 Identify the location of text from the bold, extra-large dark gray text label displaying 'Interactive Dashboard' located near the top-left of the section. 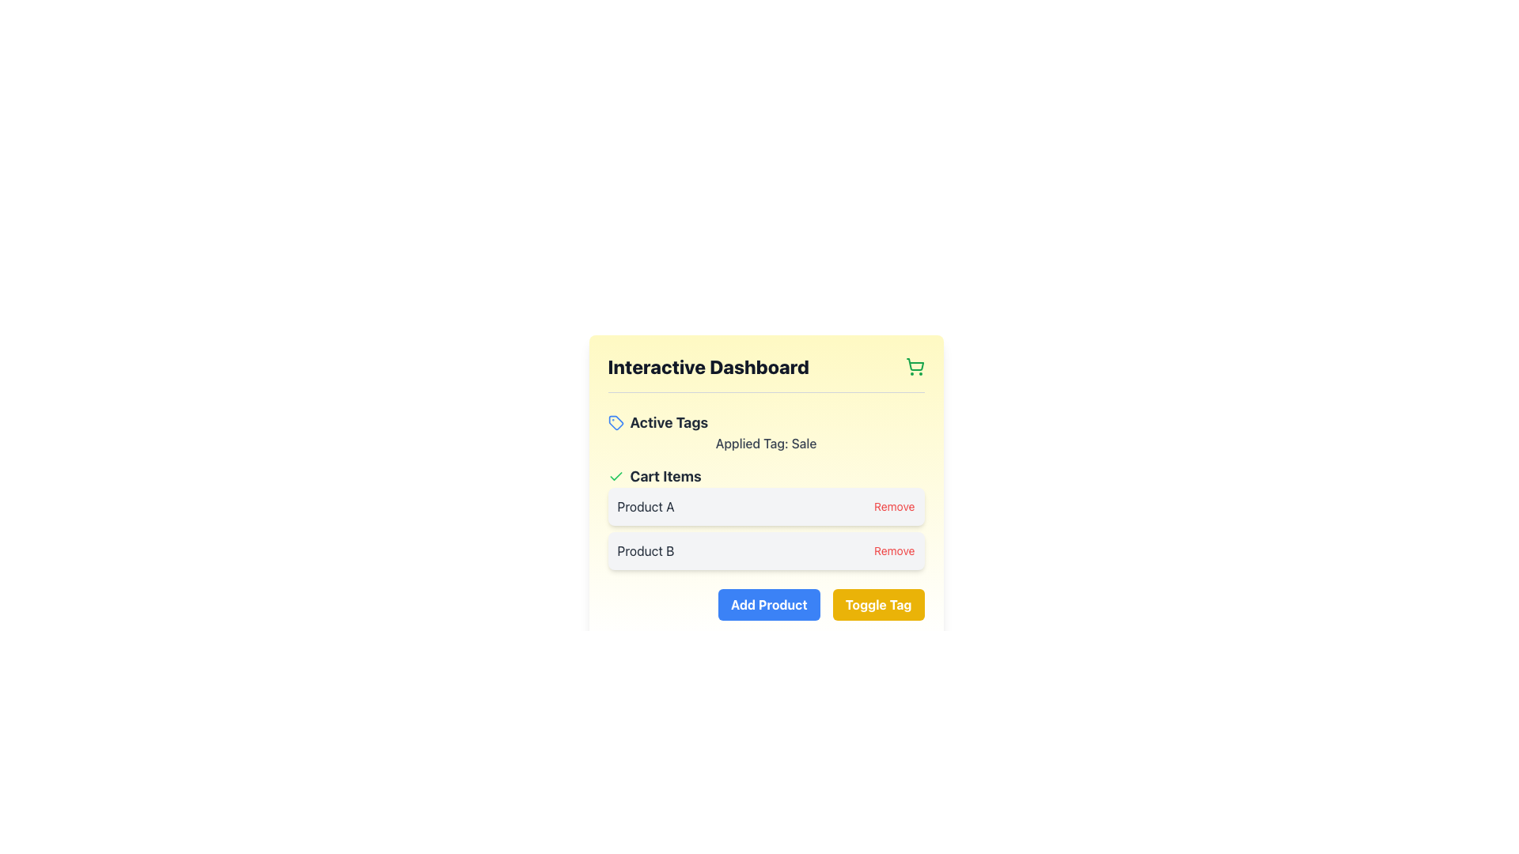
(707, 366).